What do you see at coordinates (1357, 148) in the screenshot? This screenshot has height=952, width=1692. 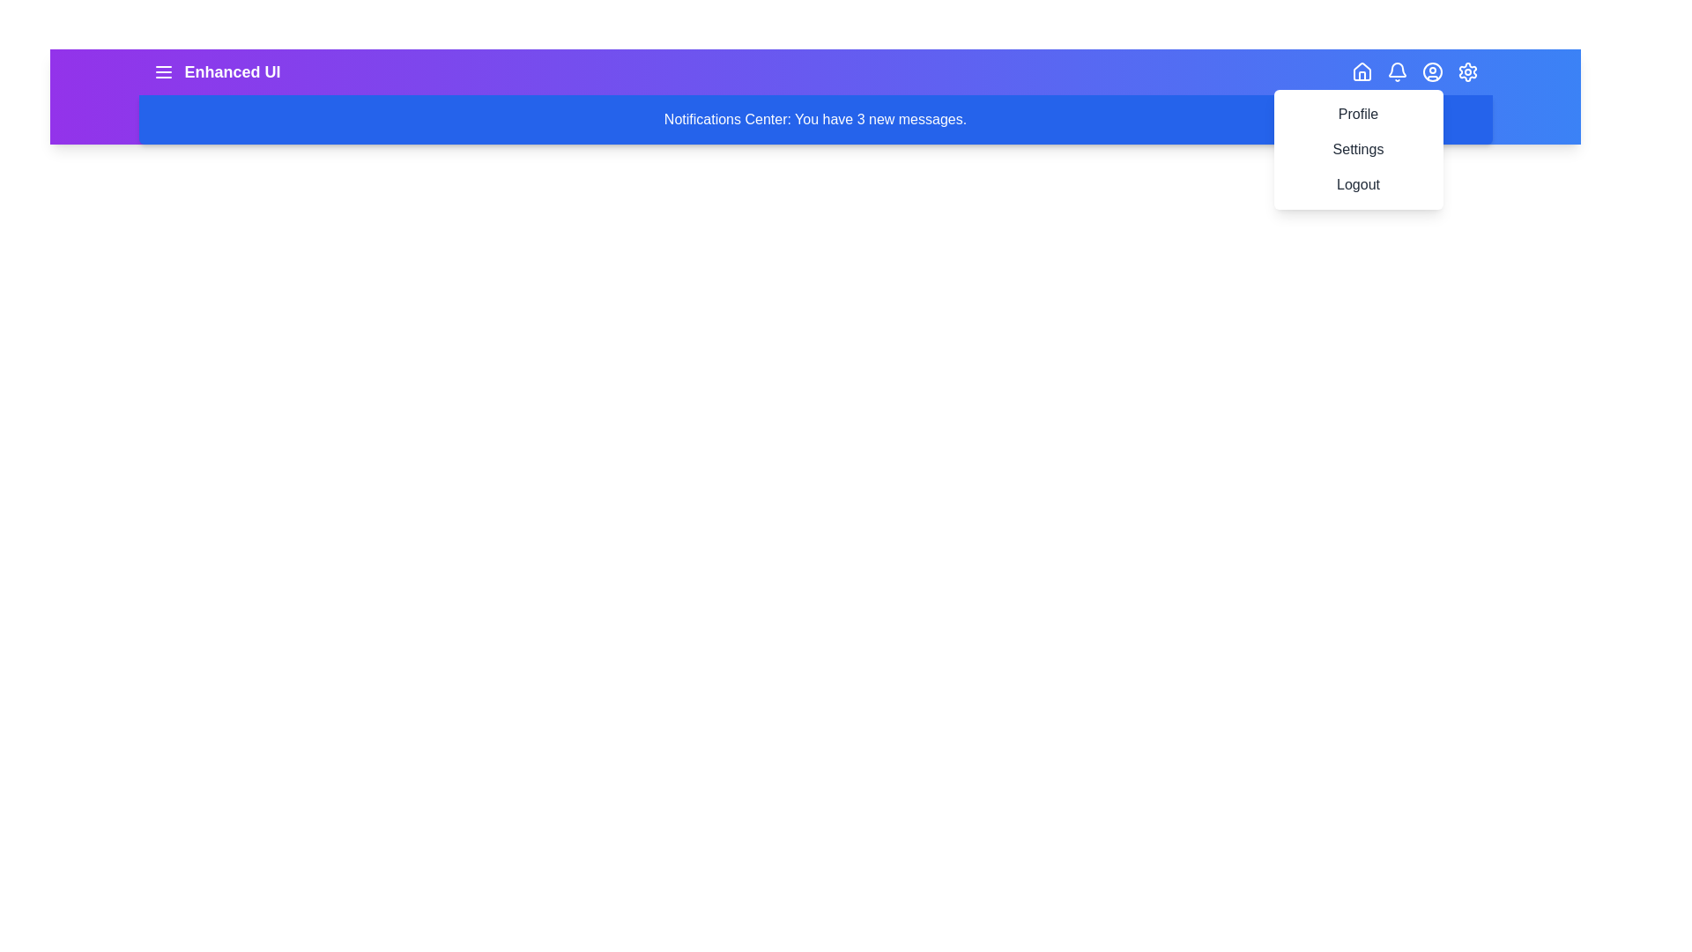 I see `the menu item Settings` at bounding box center [1357, 148].